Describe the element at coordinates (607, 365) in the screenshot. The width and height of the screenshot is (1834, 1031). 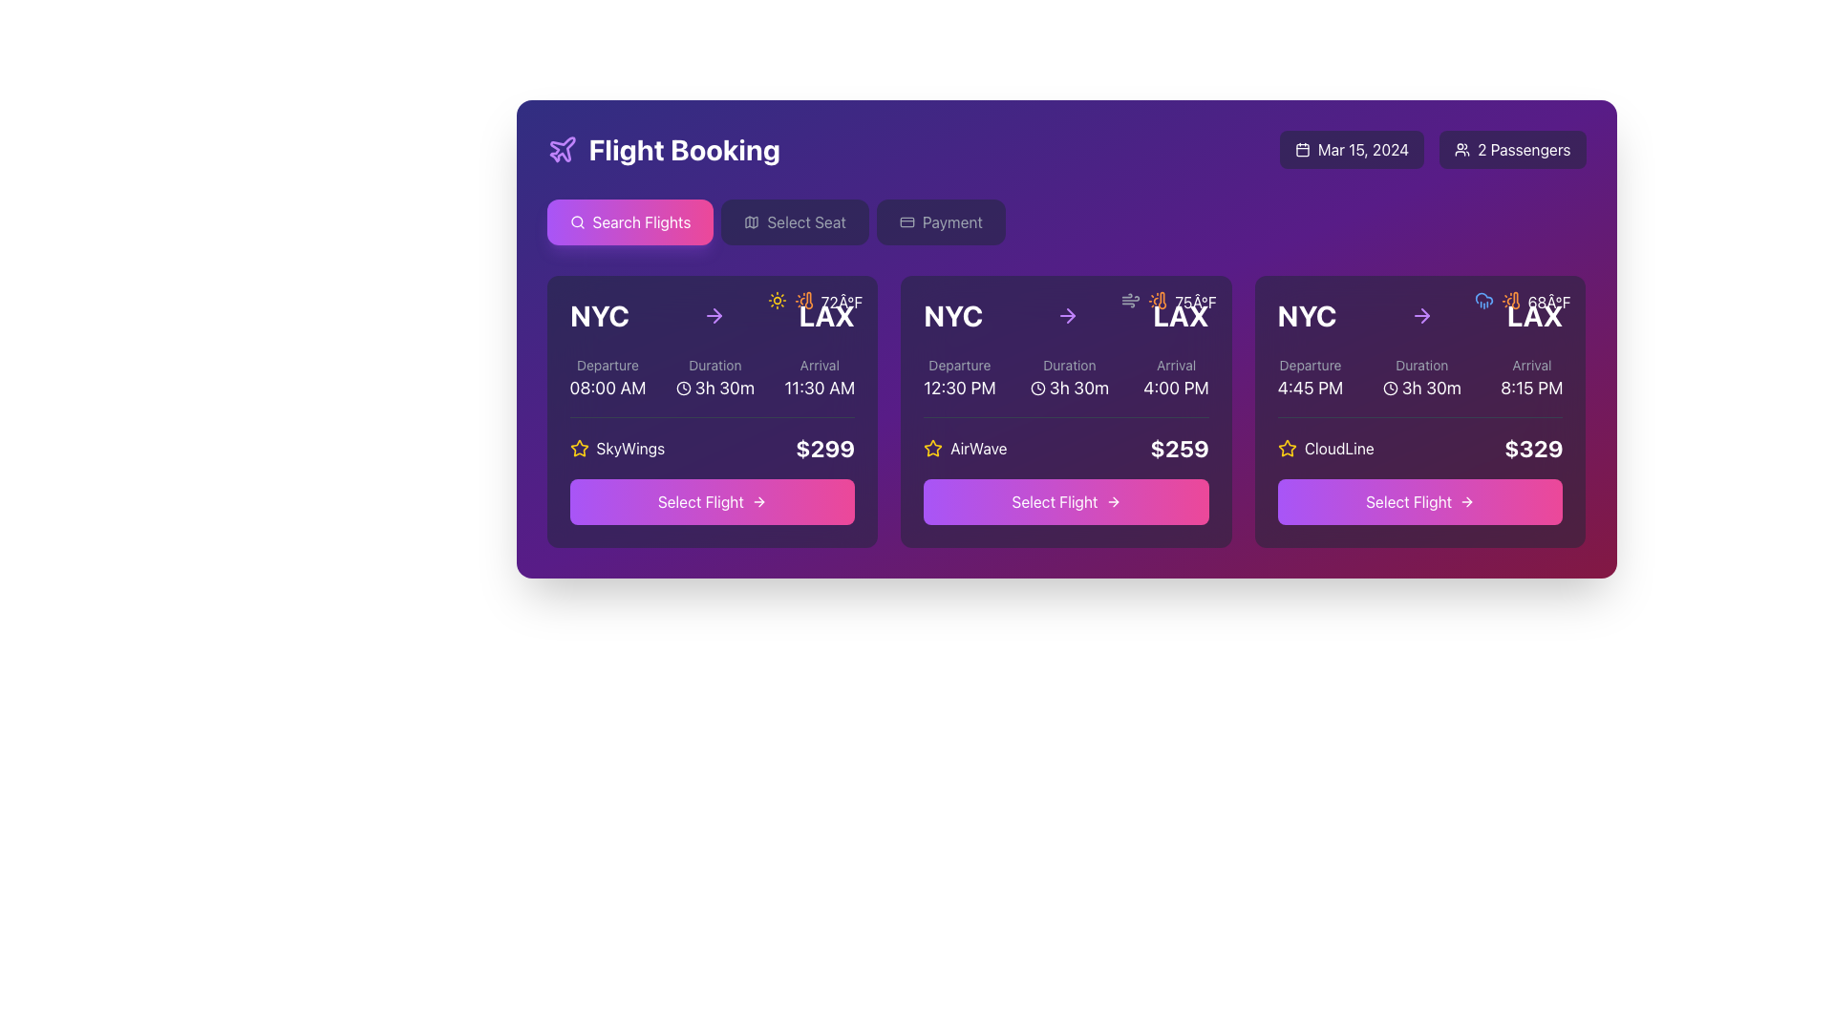
I see `the small textual label displaying 'Departure' which is positioned above the '08:00 AM' time in the flight option card for NYC to LAX` at that location.